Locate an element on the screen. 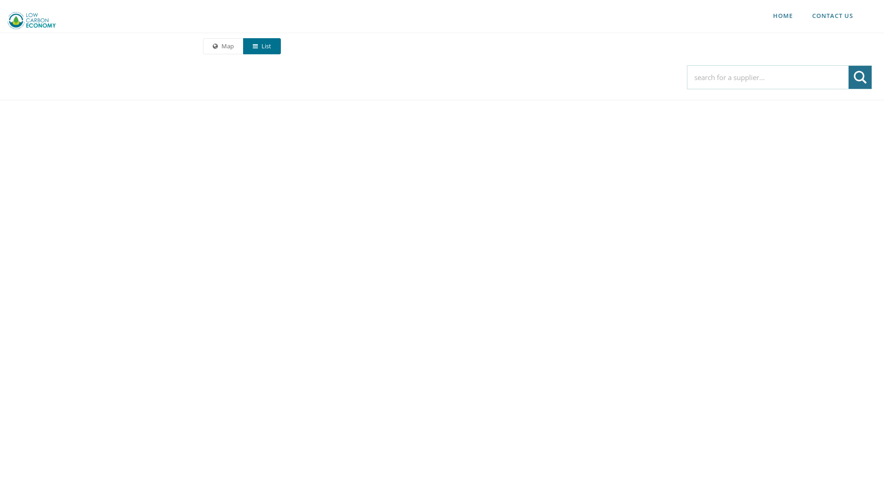 The image size is (884, 497). 'HOME' is located at coordinates (782, 16).